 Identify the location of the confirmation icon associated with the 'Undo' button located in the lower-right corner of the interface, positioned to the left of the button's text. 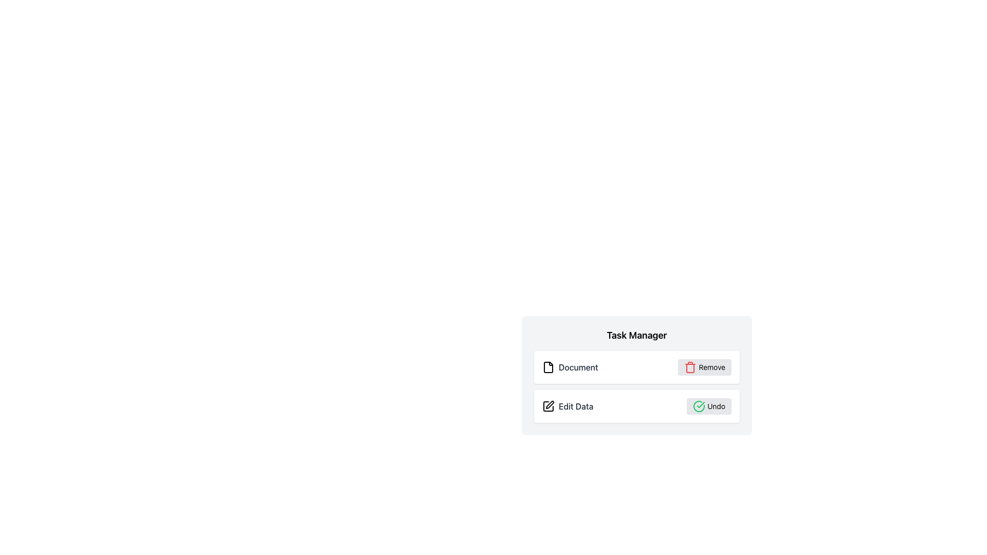
(699, 405).